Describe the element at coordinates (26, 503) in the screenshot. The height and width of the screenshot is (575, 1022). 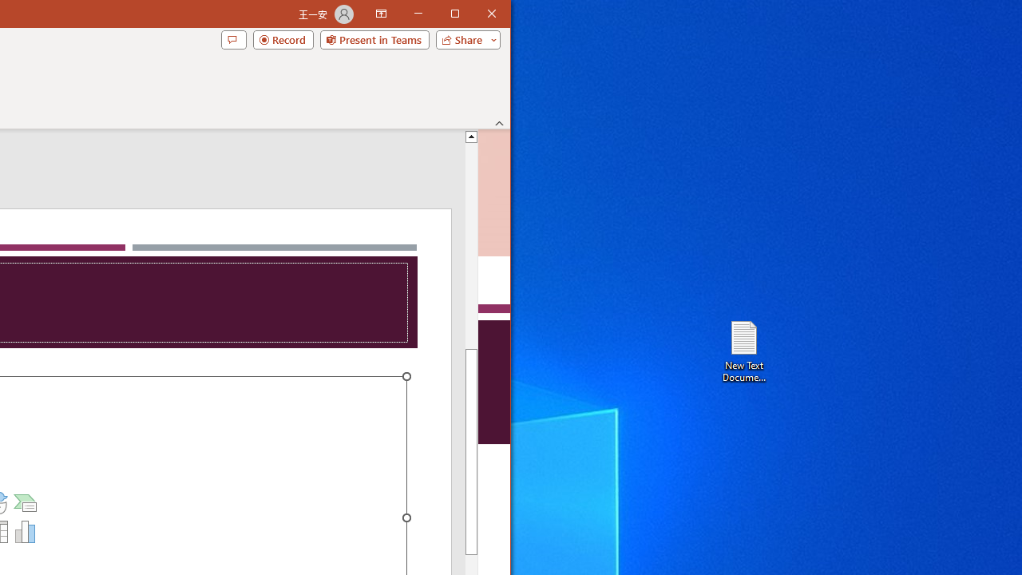
I see `'Insert a SmartArt Graphic'` at that location.